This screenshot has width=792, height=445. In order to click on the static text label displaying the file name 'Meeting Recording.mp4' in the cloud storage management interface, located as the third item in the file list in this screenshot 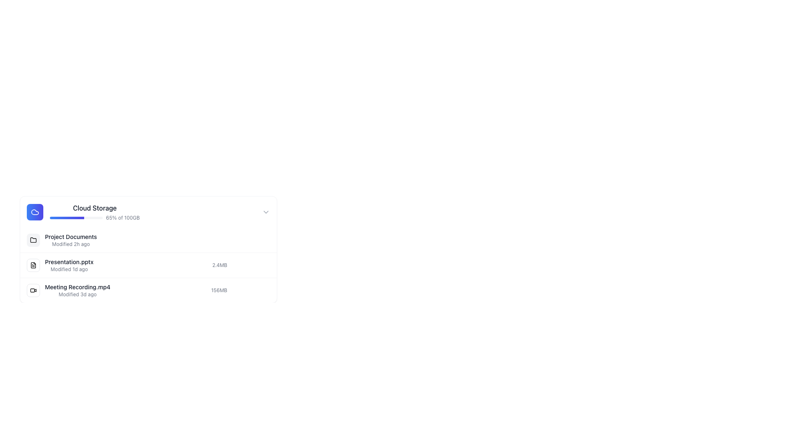, I will do `click(78, 287)`.